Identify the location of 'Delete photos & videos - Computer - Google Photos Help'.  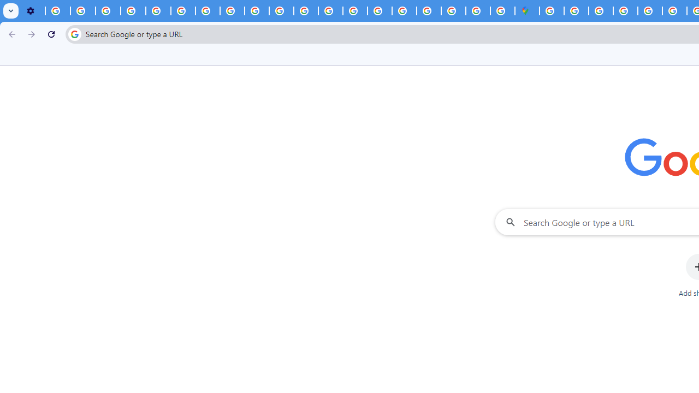
(57, 11).